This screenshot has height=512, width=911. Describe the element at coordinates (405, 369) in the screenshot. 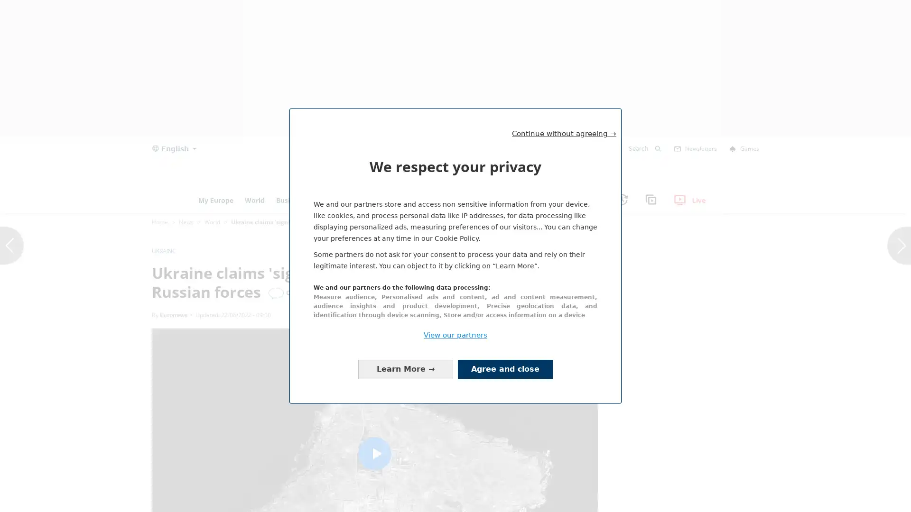

I see `Configure your consents` at that location.